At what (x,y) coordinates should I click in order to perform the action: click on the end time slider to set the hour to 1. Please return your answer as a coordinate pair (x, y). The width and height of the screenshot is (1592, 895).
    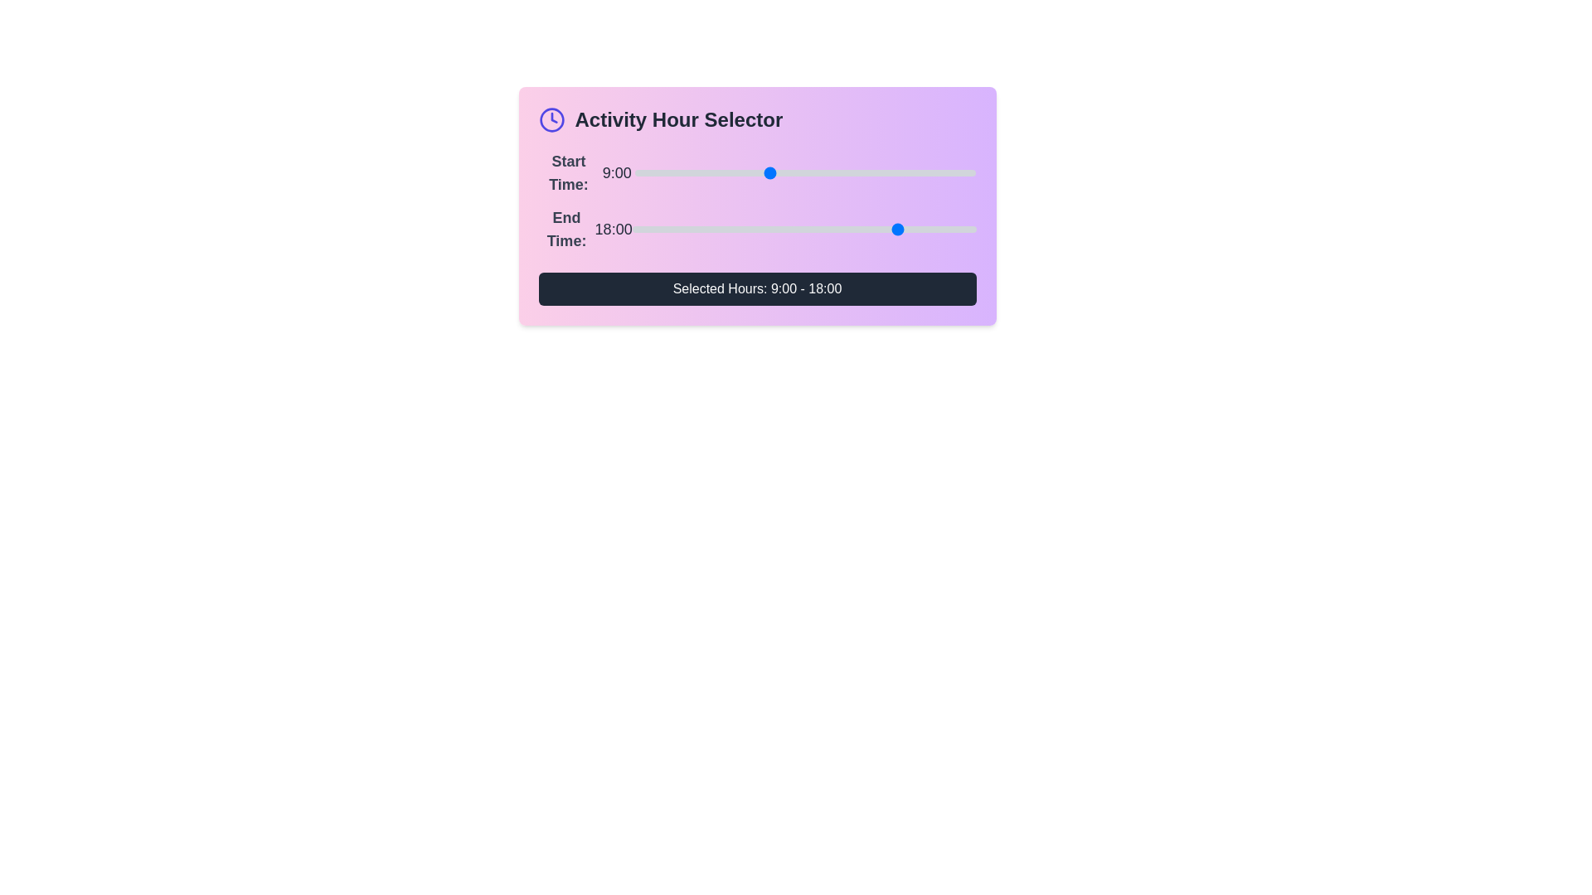
    Looking at the image, I should click on (646, 230).